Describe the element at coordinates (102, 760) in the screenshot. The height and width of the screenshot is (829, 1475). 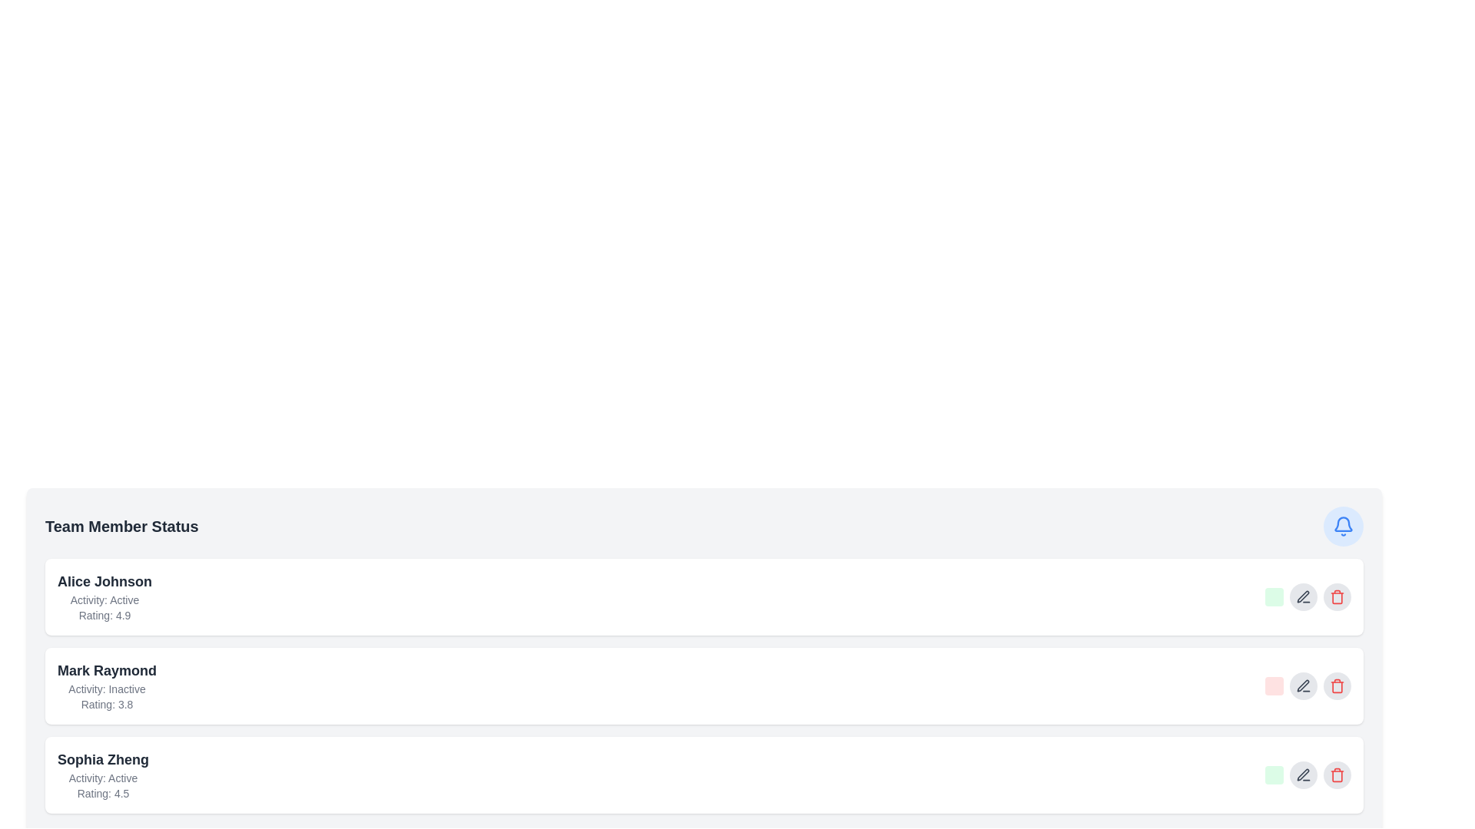
I see `name displayed in the text label that serves as the header for the third team member's status section, identifying the person by name` at that location.